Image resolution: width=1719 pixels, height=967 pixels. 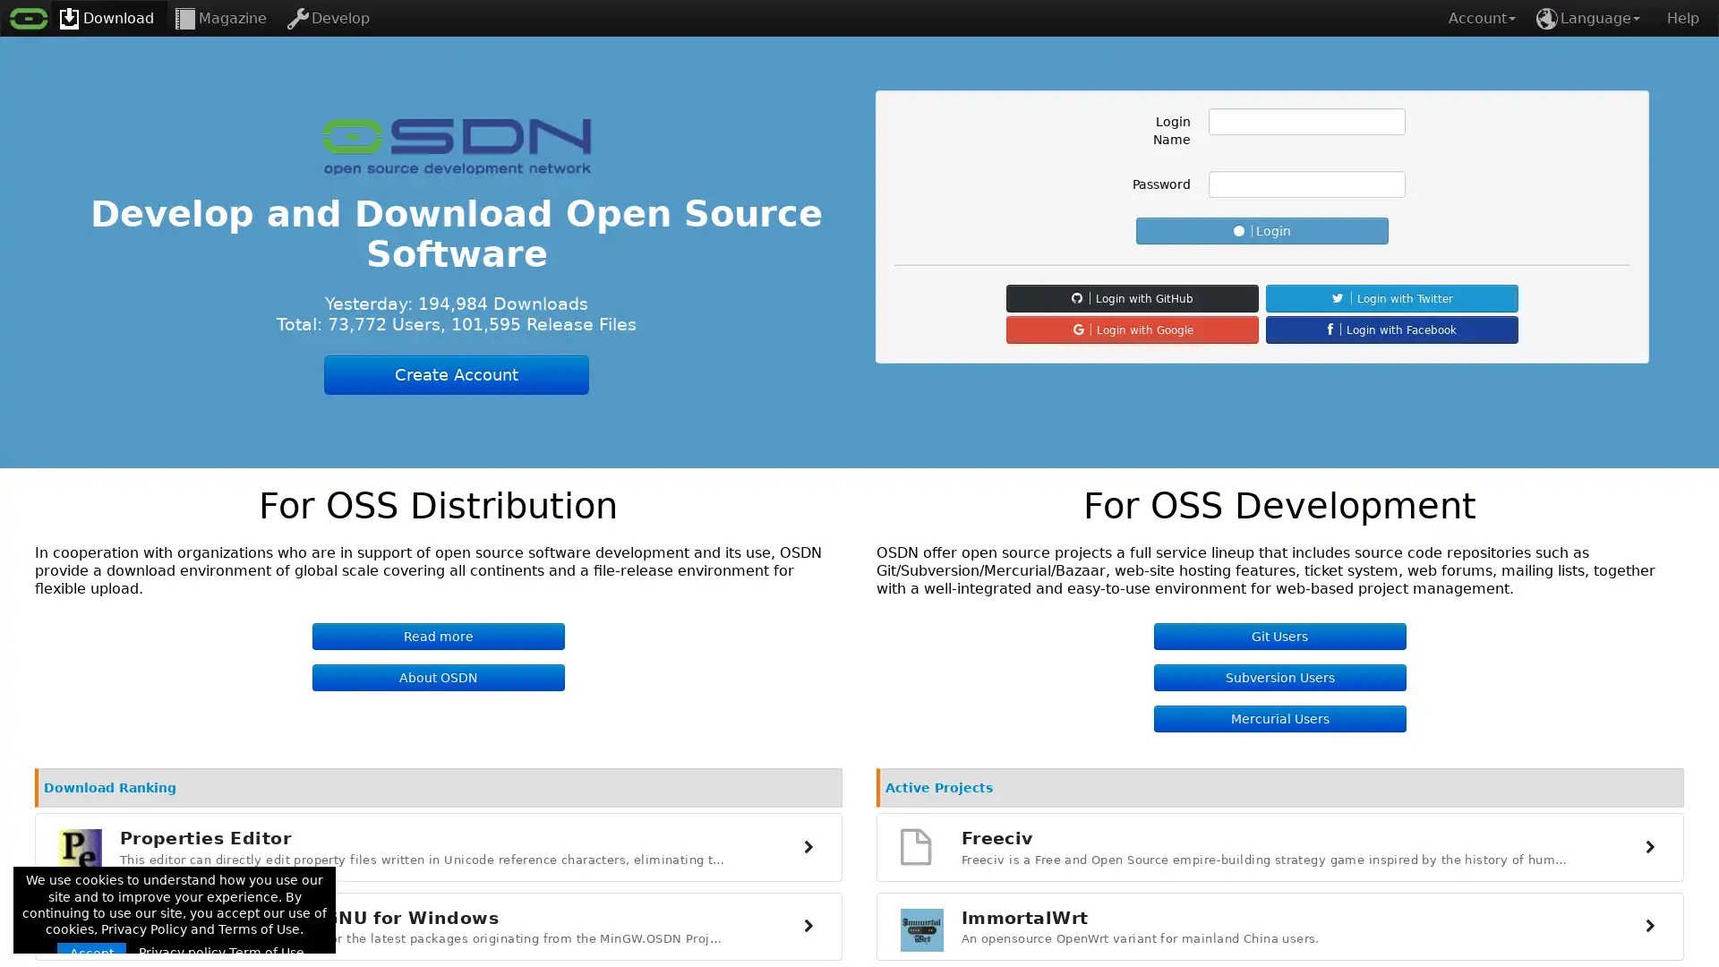 What do you see at coordinates (1261, 230) in the screenshot?
I see `Login` at bounding box center [1261, 230].